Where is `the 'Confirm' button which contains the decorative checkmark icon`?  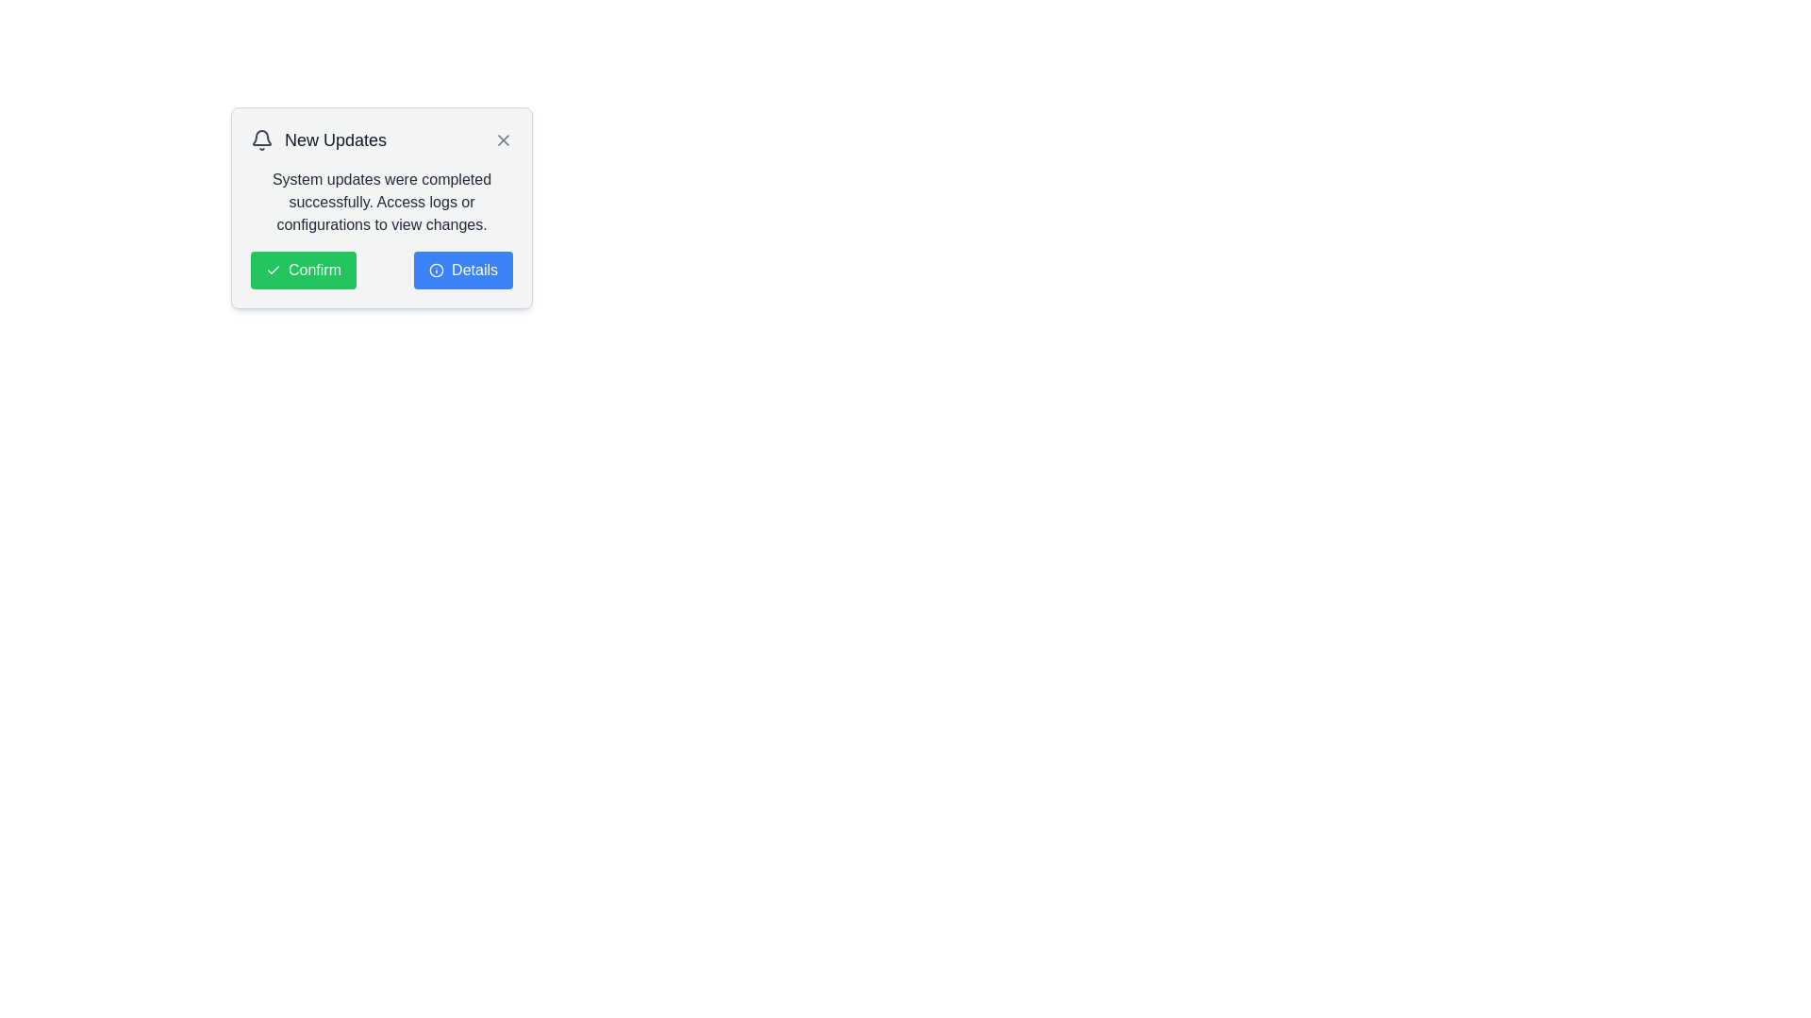 the 'Confirm' button which contains the decorative checkmark icon is located at coordinates (272, 270).